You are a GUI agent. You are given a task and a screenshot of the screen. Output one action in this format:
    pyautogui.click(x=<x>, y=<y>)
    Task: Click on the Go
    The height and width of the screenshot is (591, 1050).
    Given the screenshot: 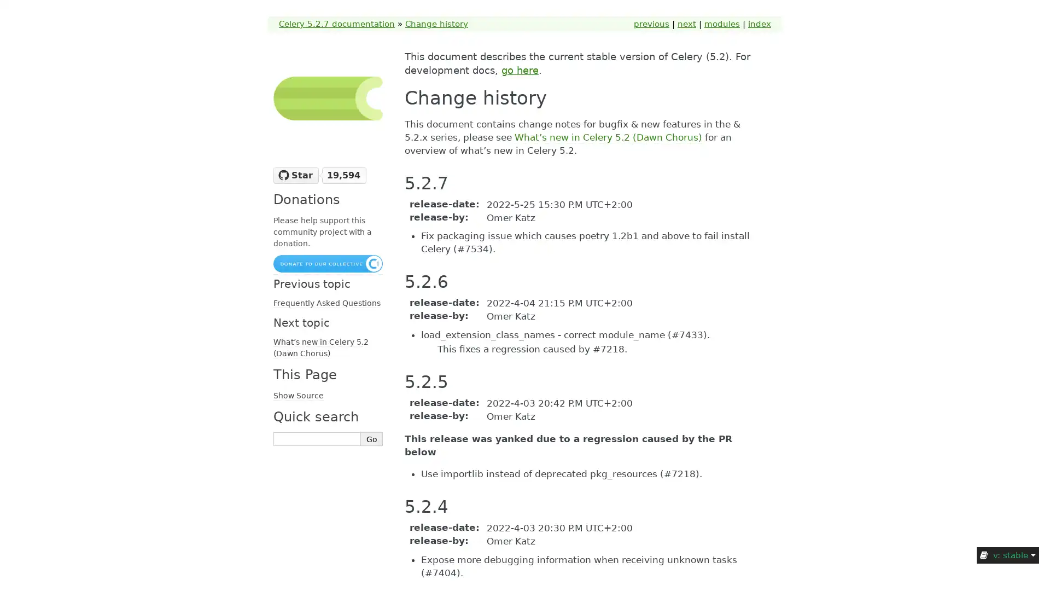 What is the action you would take?
    pyautogui.click(x=372, y=438)
    